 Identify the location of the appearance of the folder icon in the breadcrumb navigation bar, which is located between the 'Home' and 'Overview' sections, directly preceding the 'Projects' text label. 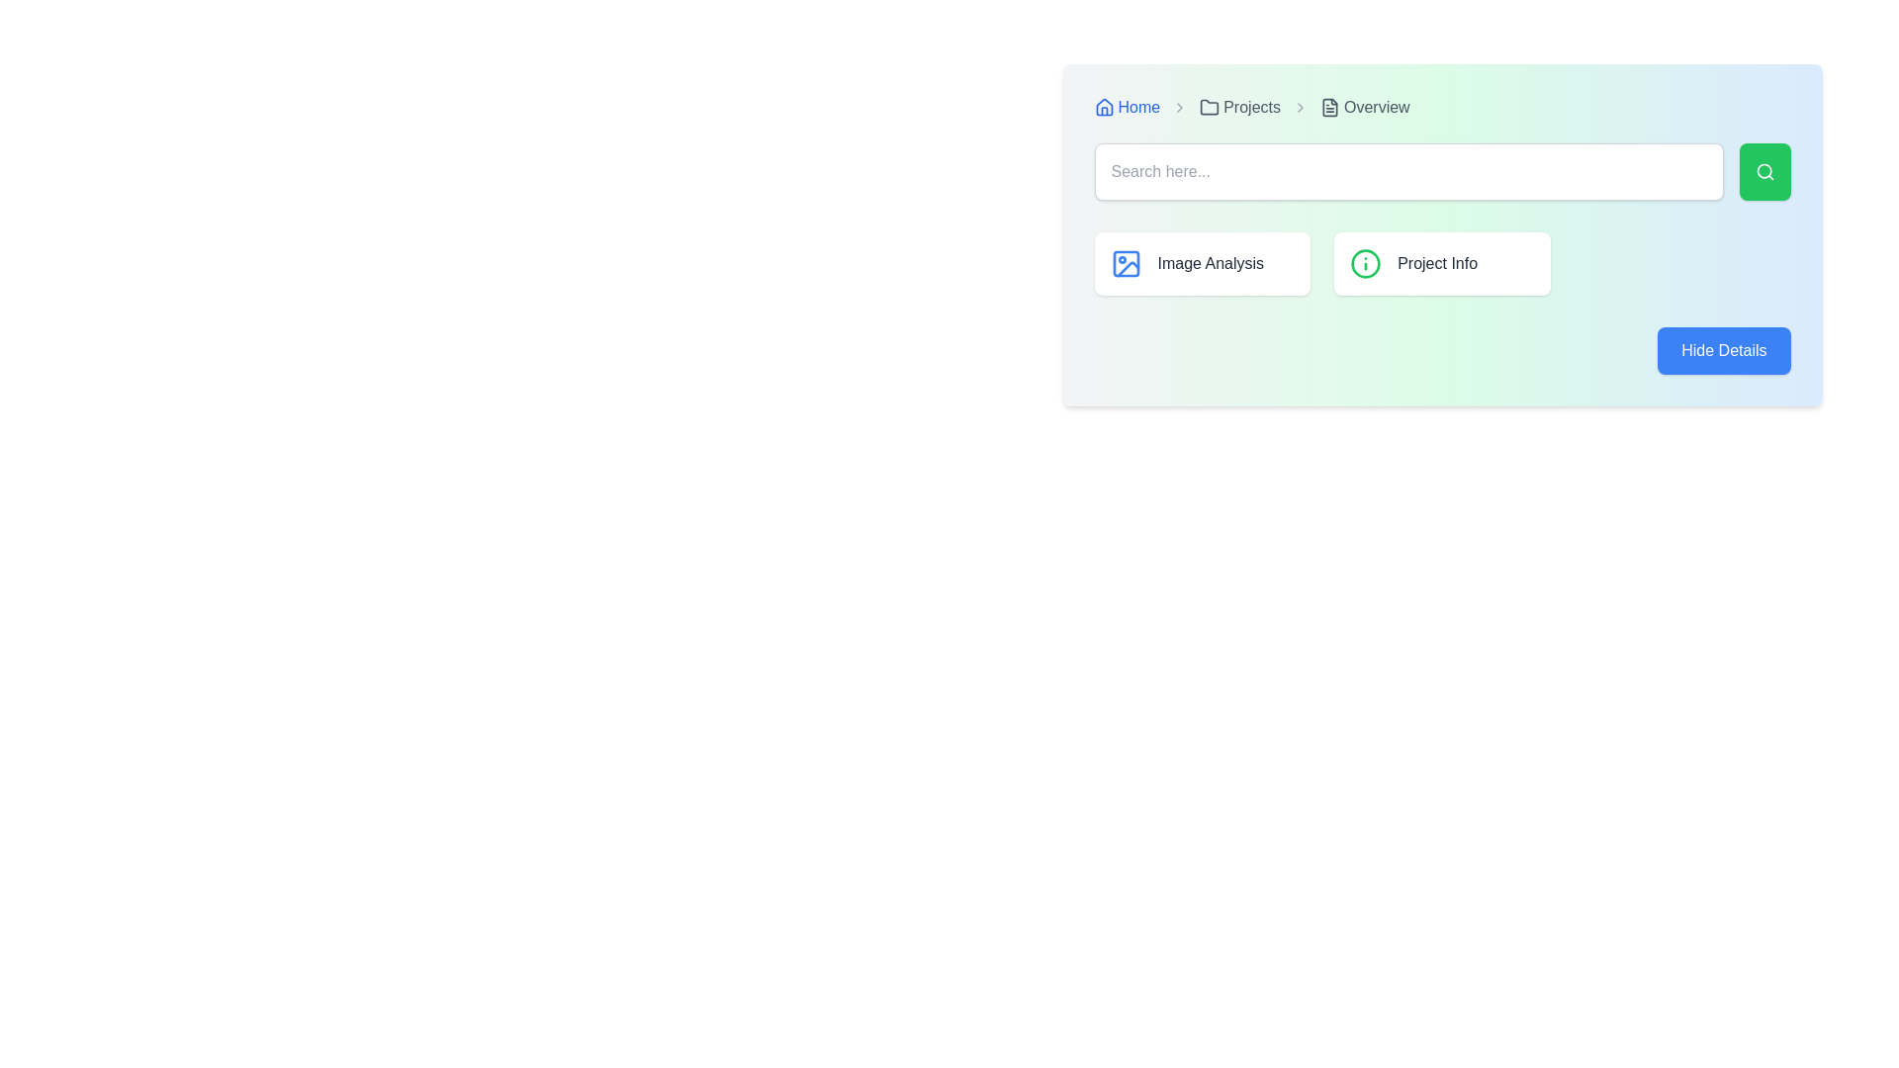
(1209, 107).